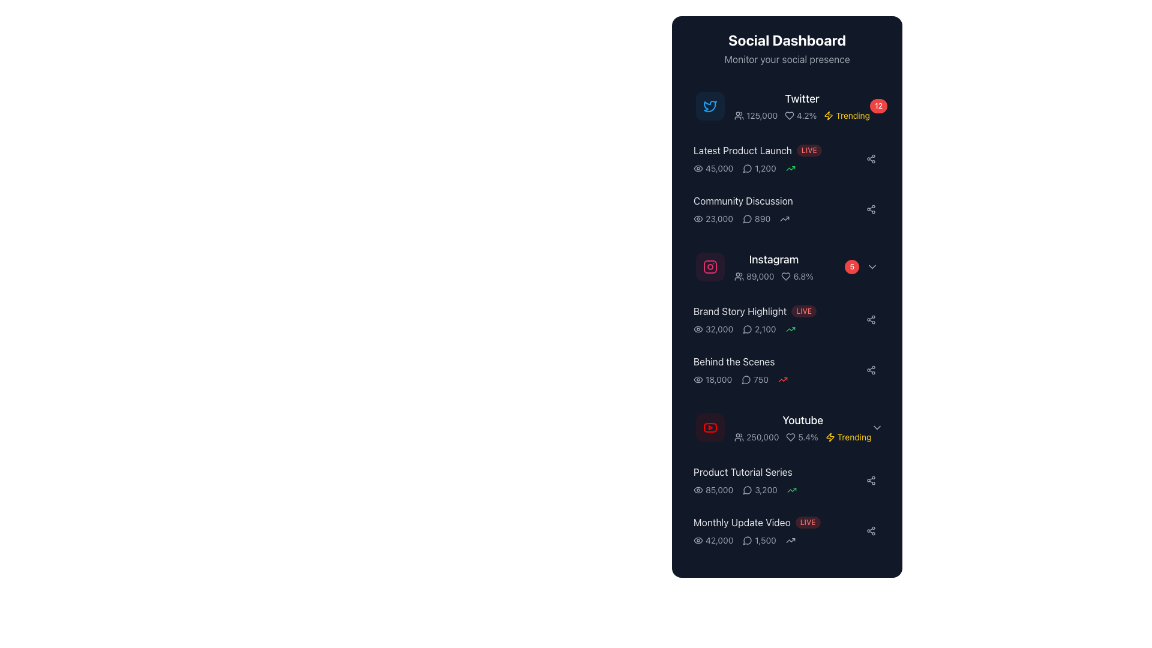 The height and width of the screenshot is (648, 1152). I want to click on the share icon located at the right end of the 'Community Discussion' row in the Social Dashboard interface to share the content, so click(871, 208).